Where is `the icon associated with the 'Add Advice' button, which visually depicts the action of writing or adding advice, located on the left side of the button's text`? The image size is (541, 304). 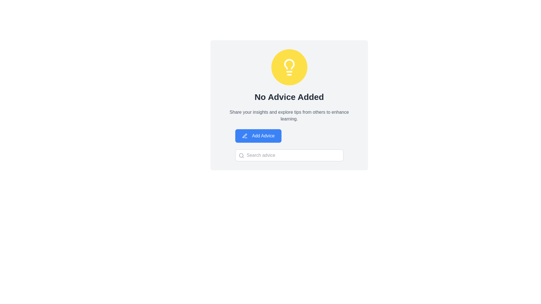 the icon associated with the 'Add Advice' button, which visually depicts the action of writing or adding advice, located on the left side of the button's text is located at coordinates (245, 136).